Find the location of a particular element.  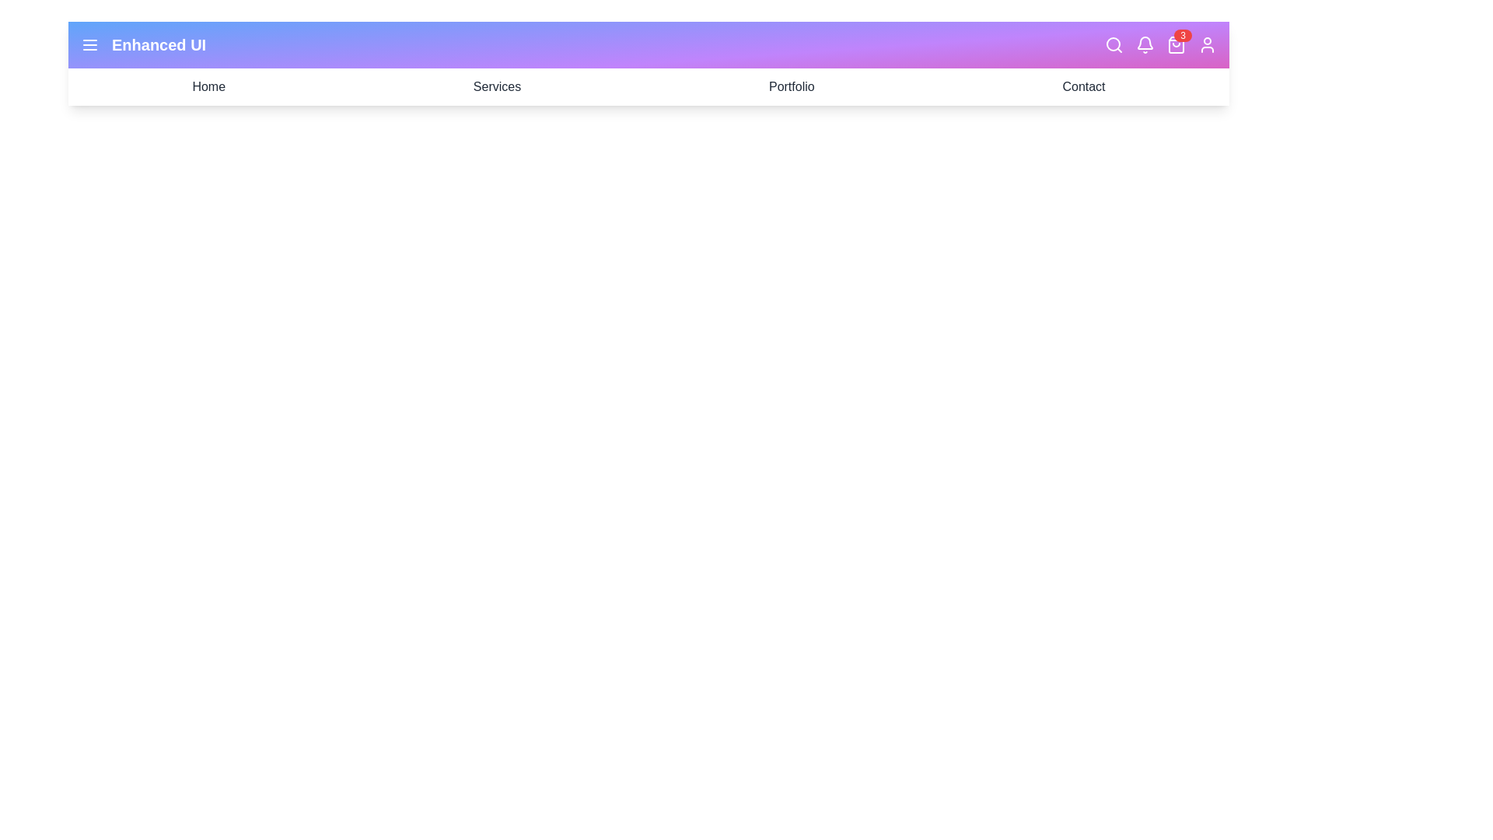

the bell icon to view notifications is located at coordinates (1145, 44).